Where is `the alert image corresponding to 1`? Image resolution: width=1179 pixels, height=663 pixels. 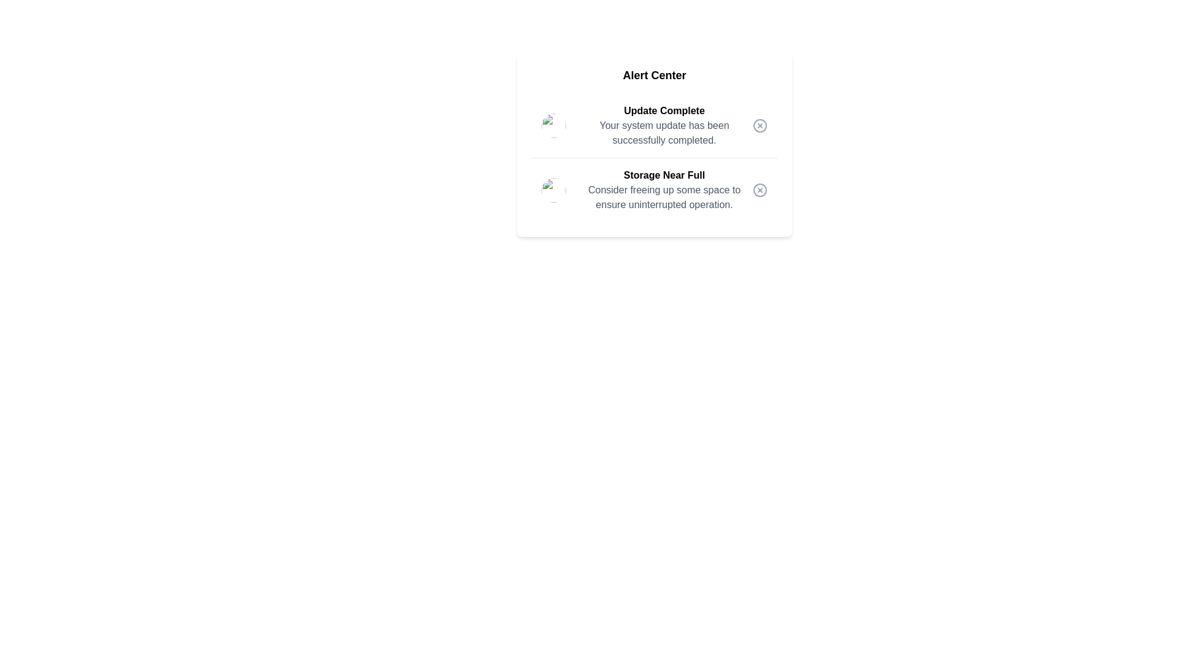 the alert image corresponding to 1 is located at coordinates (553, 125).